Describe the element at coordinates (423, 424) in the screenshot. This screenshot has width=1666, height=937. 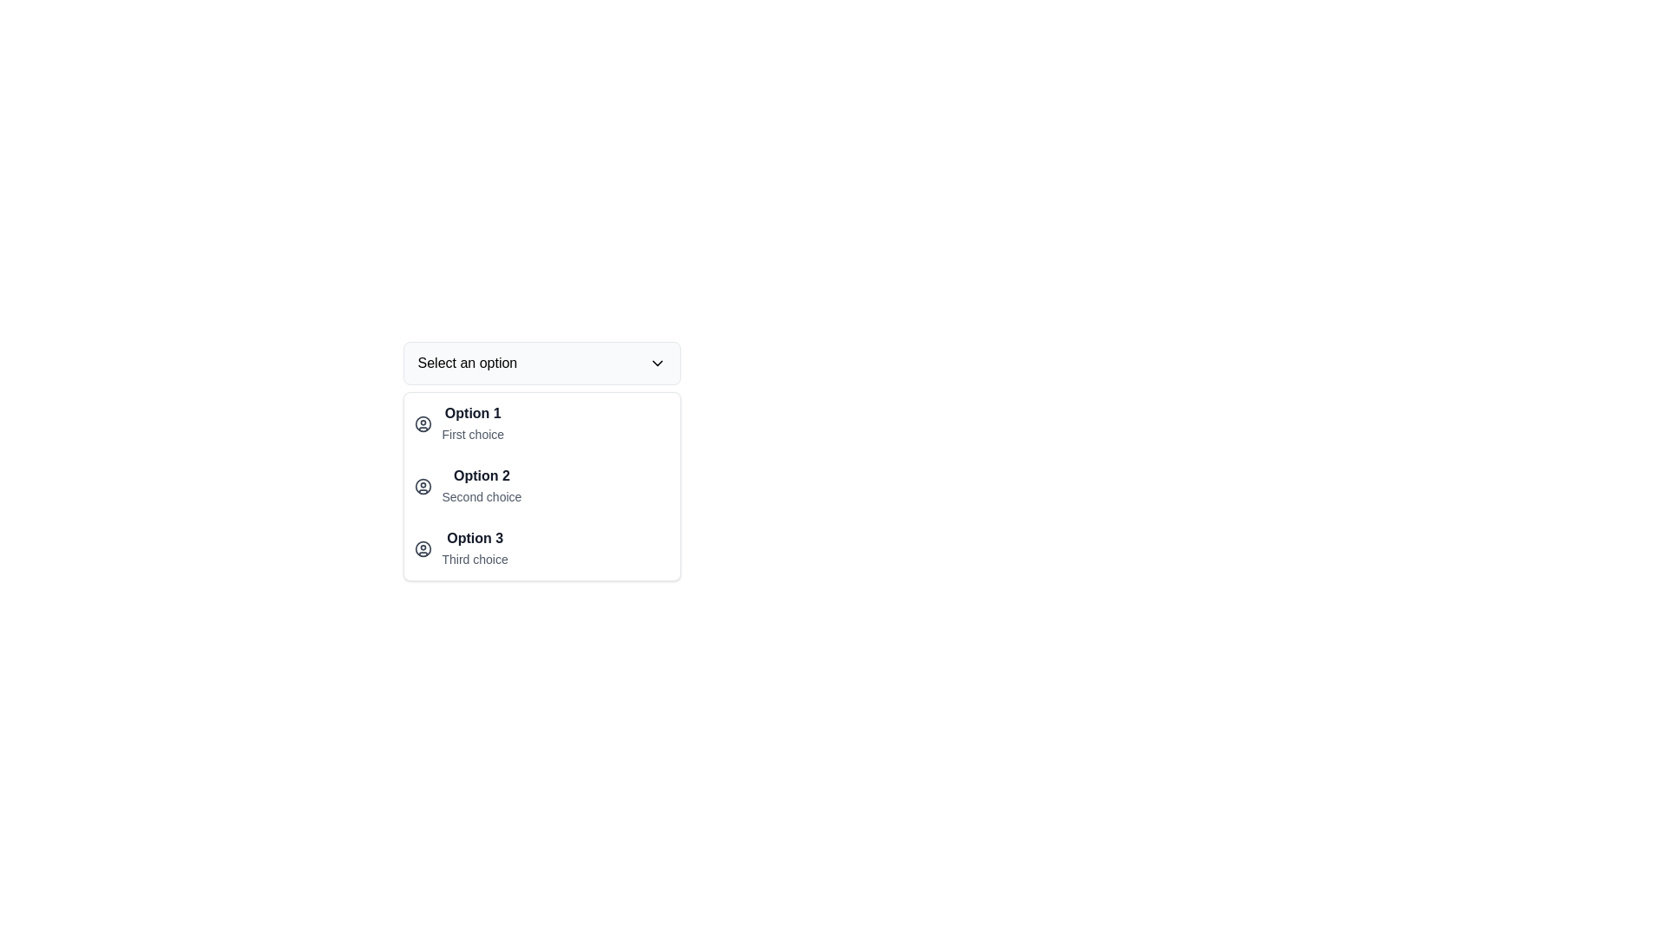
I see `the blue circle outline icon associated with 'Option 1' in the dropdown menu by hovering over it` at that location.